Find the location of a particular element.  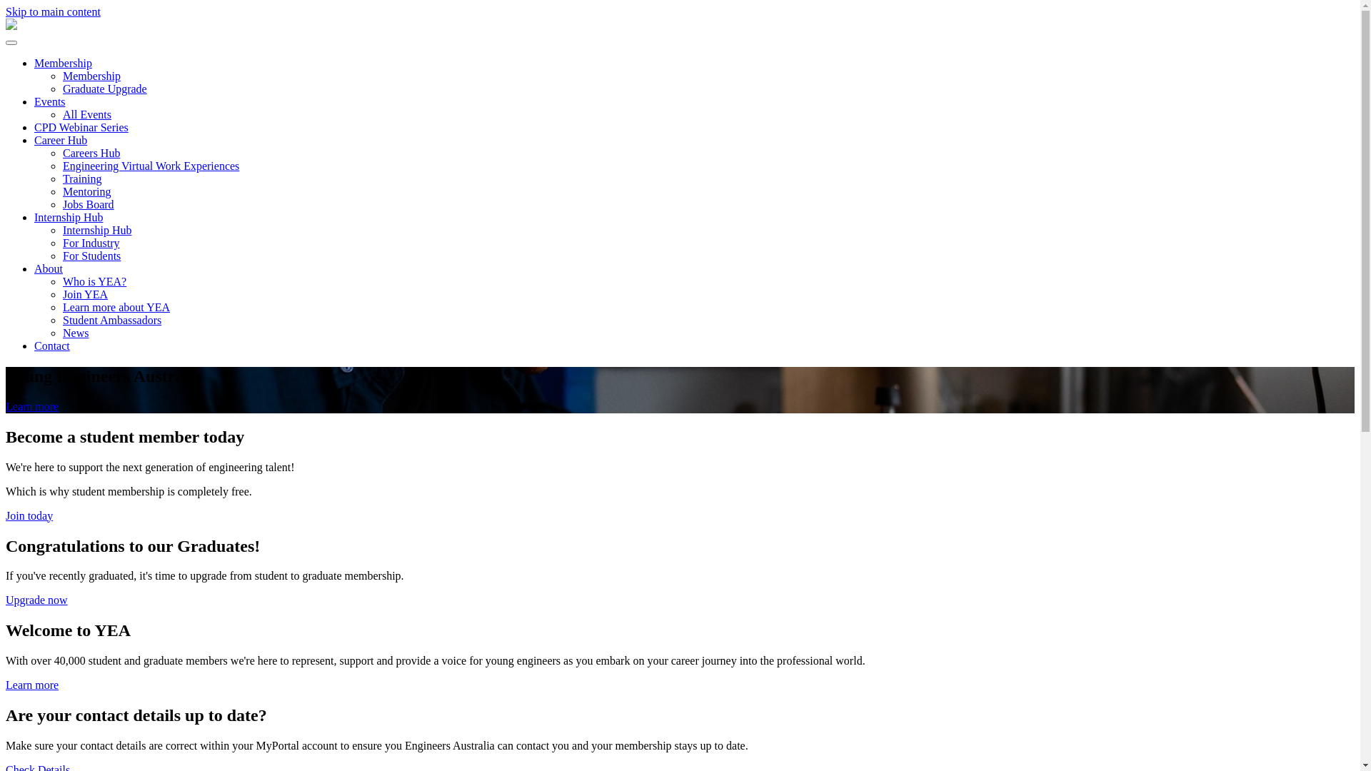

'Events' is located at coordinates (50, 101).